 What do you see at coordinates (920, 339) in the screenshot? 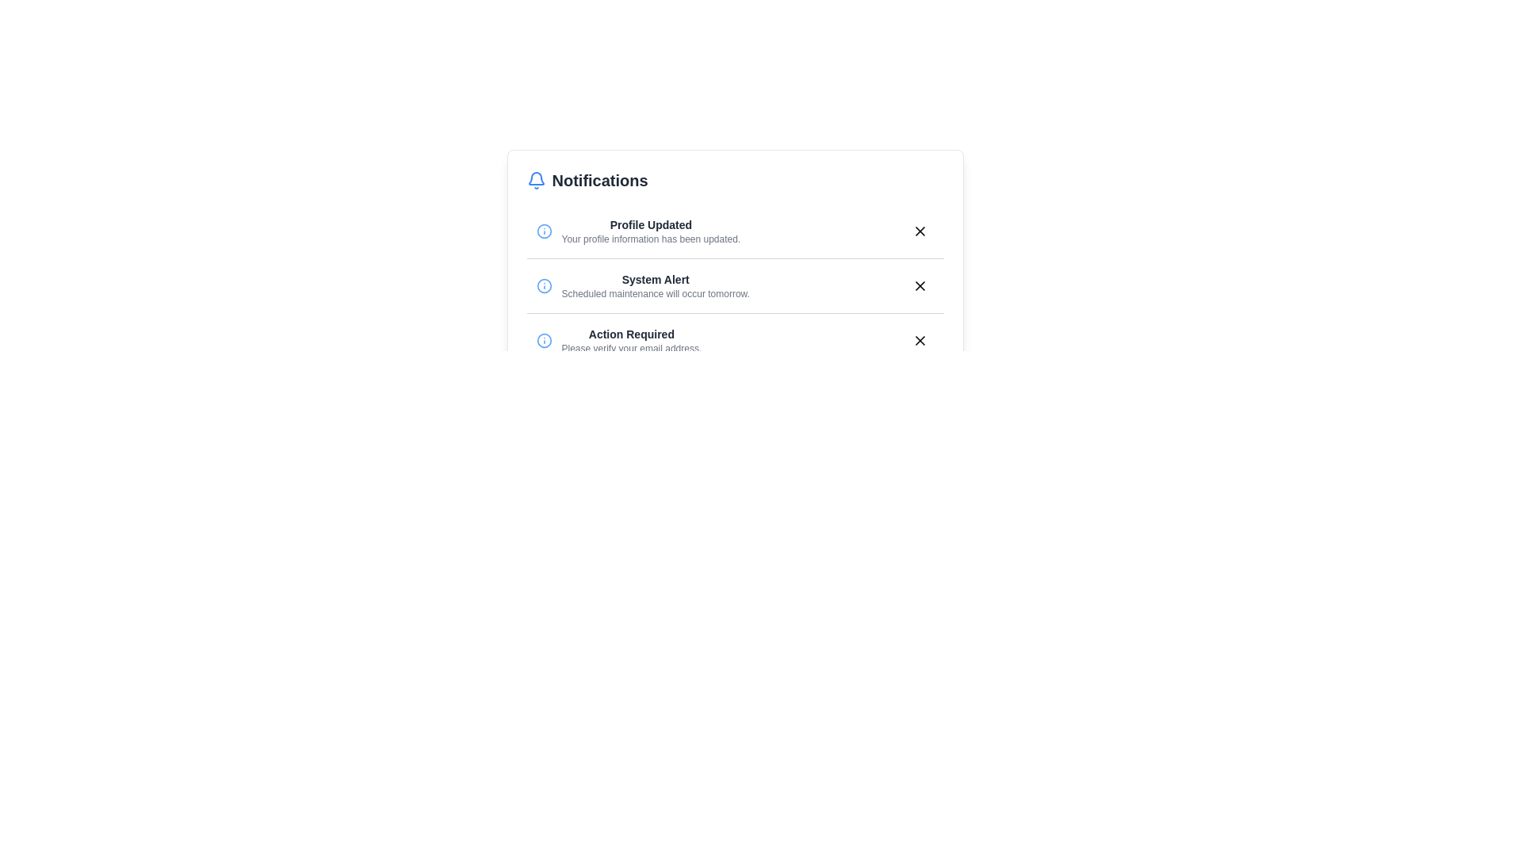
I see `the Close Icon button located in the top-right corner of the notification that reads 'Action Required Please verify your email address.'` at bounding box center [920, 339].